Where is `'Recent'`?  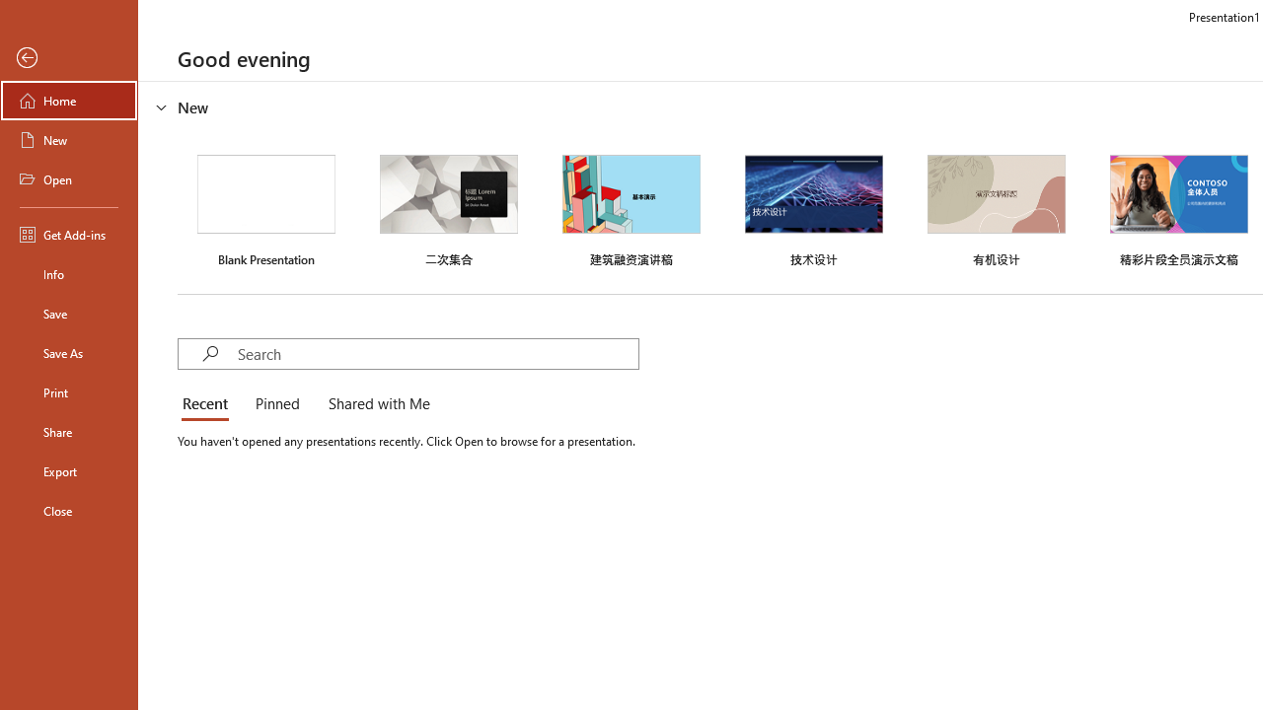 'Recent' is located at coordinates (209, 404).